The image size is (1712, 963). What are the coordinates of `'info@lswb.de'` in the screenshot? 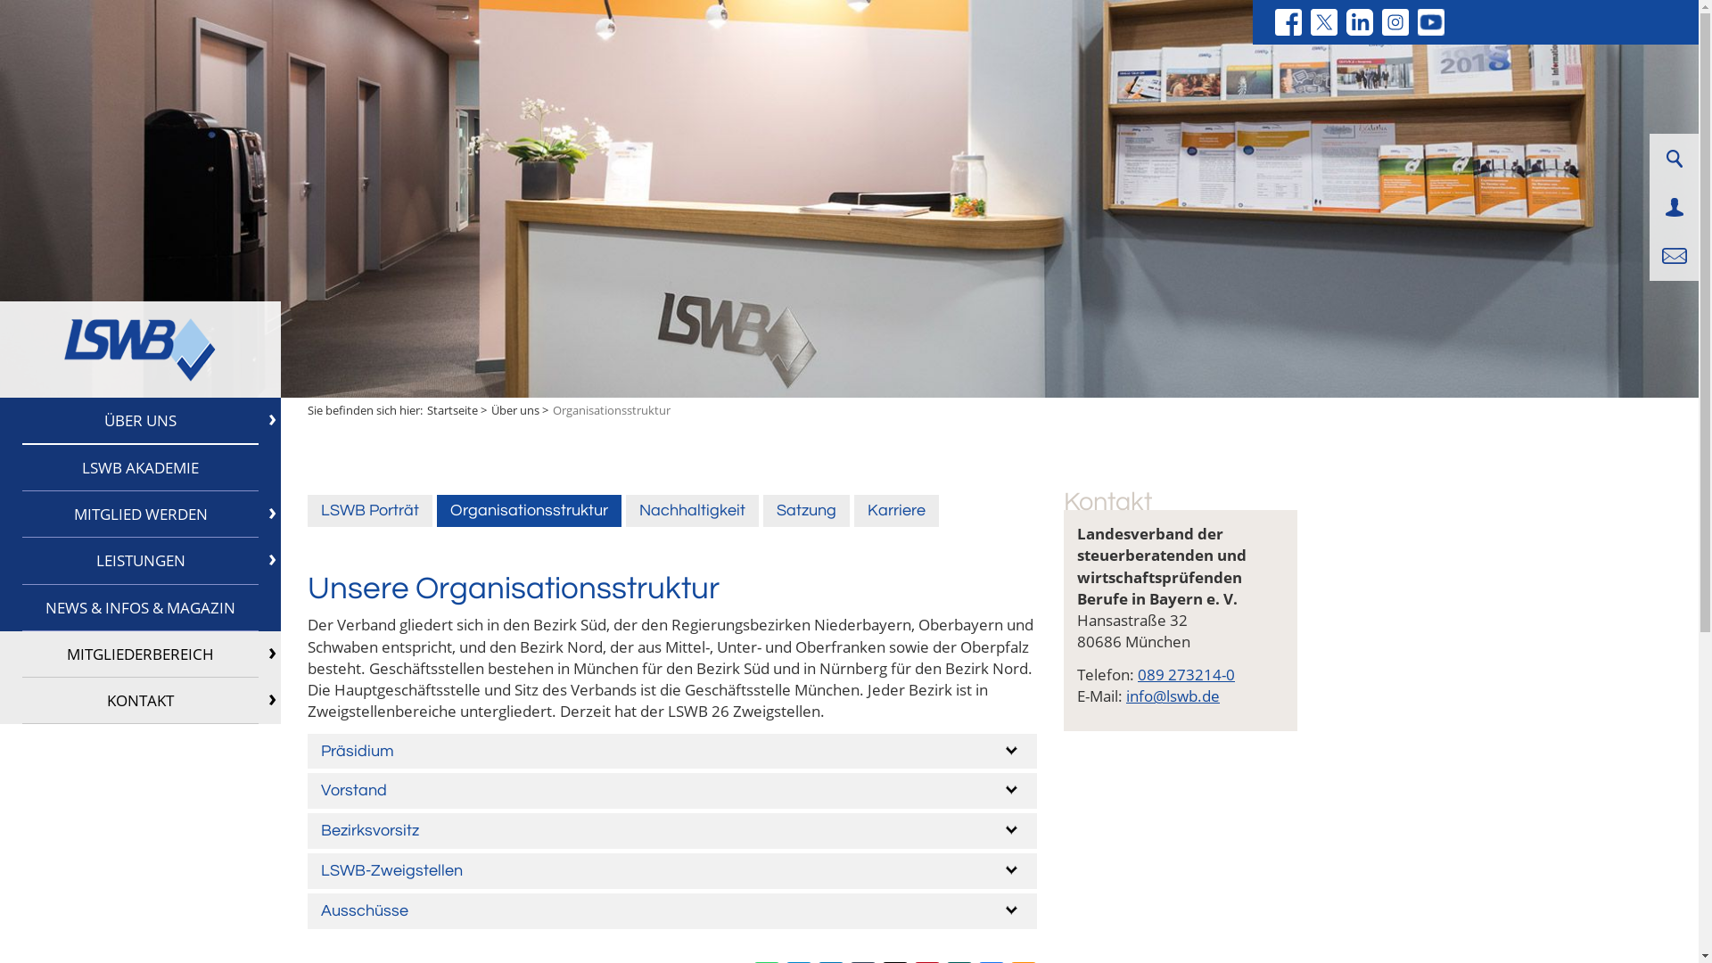 It's located at (1173, 695).